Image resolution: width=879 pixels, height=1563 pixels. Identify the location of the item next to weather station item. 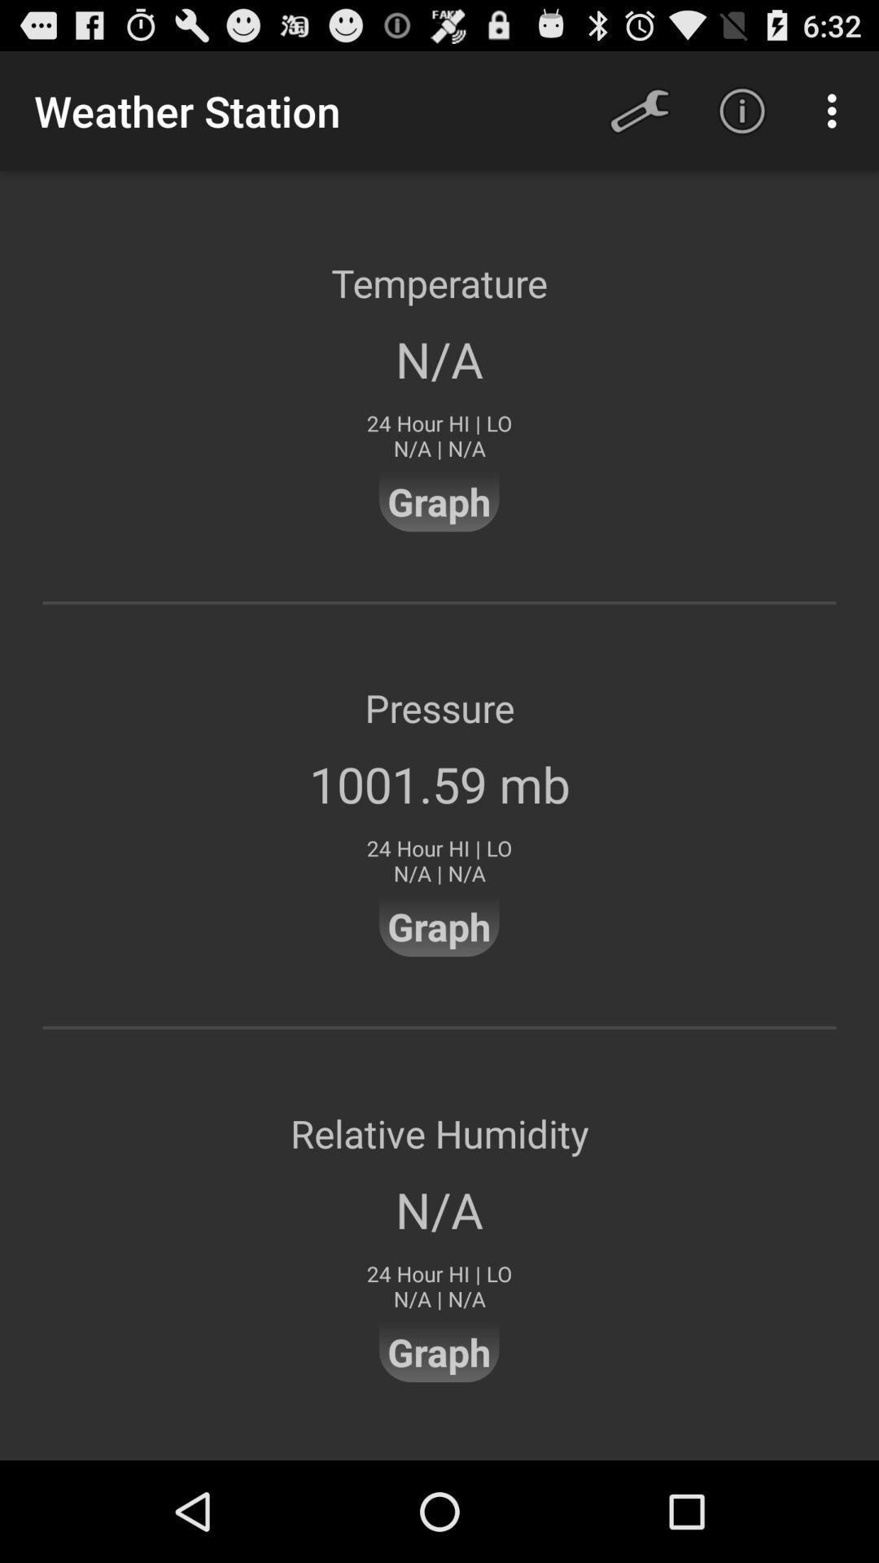
(639, 110).